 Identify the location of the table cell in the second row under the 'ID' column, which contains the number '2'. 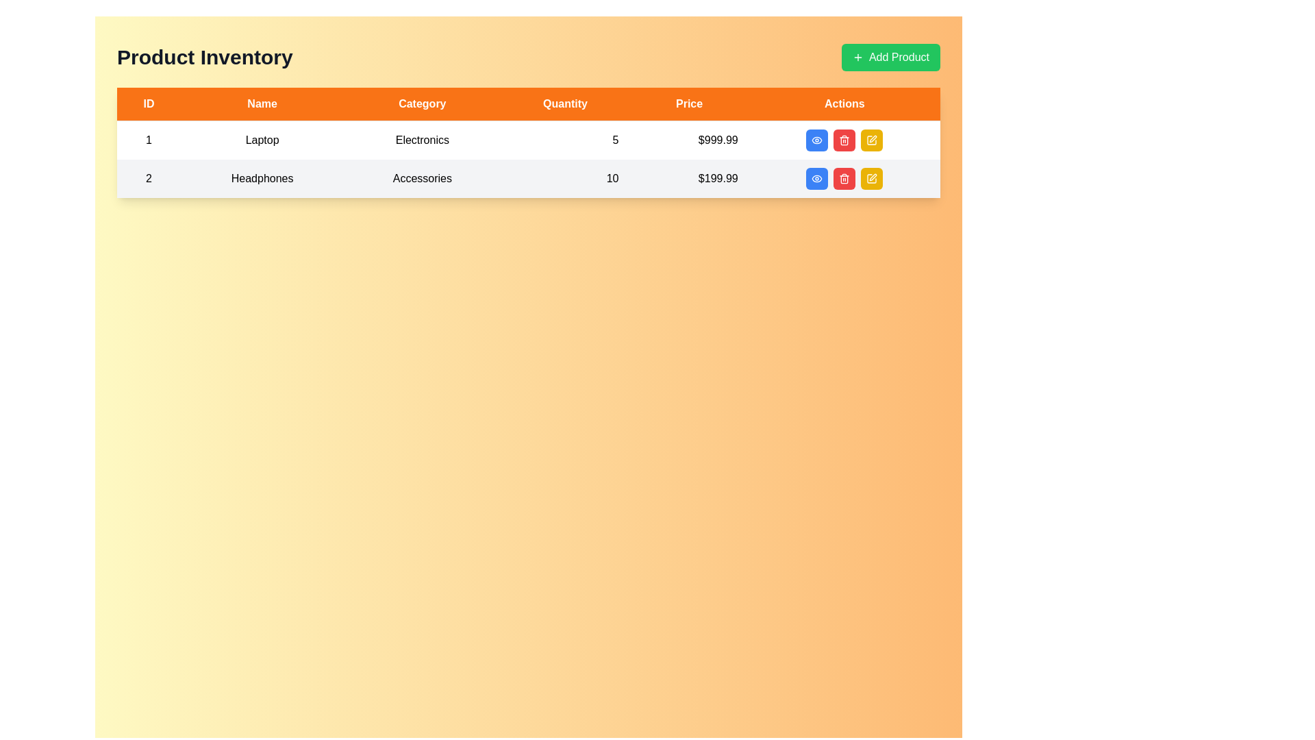
(149, 178).